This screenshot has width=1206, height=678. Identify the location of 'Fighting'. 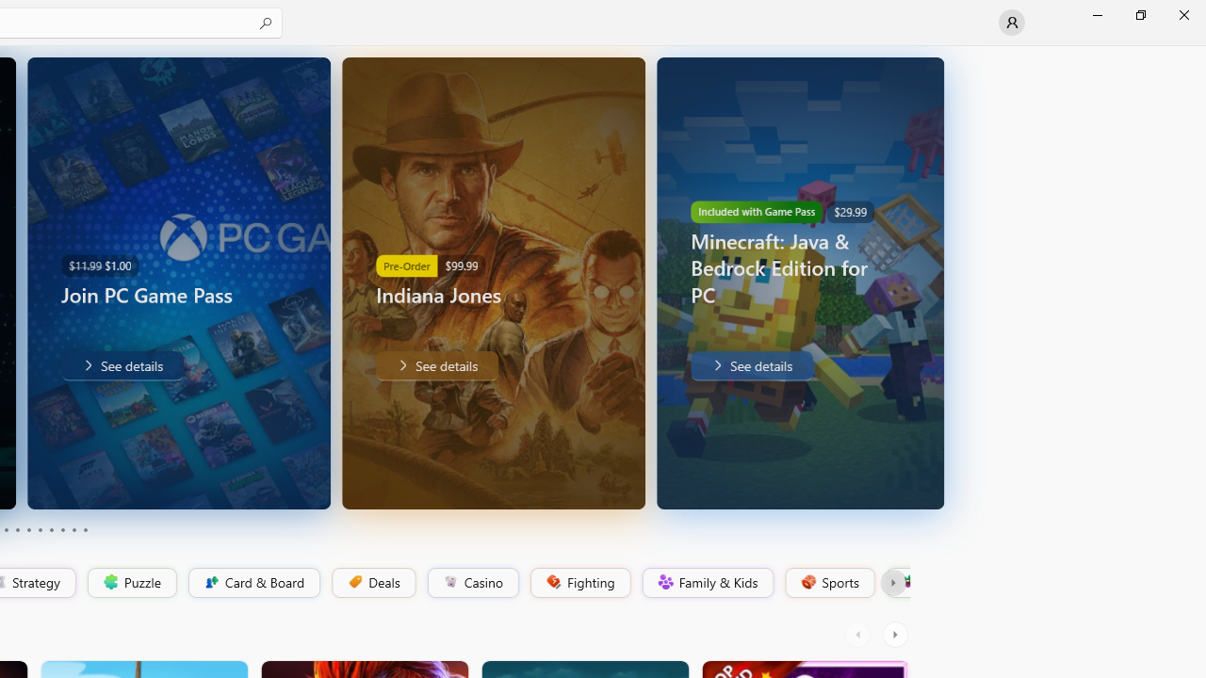
(579, 582).